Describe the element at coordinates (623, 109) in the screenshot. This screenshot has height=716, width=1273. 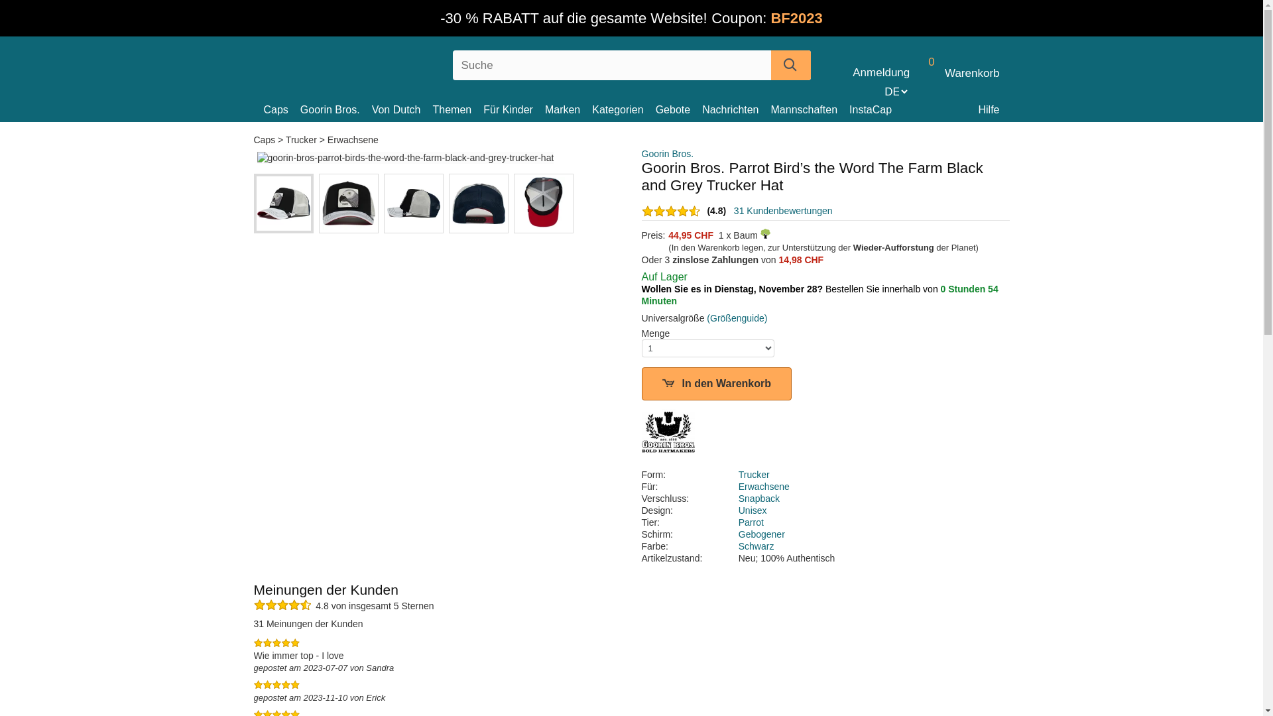
I see `'Kategorien'` at that location.